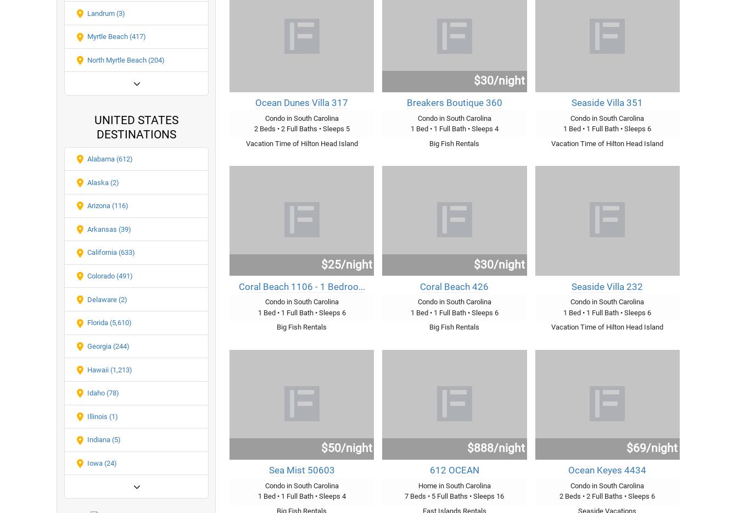 This screenshot has width=750, height=513. What do you see at coordinates (127, 56) in the screenshot?
I see `'FAQ's'` at bounding box center [127, 56].